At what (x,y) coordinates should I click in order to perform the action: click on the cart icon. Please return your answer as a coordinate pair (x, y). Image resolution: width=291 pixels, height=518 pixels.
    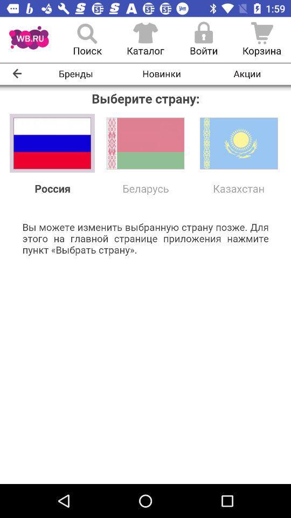
    Looking at the image, I should click on (261, 39).